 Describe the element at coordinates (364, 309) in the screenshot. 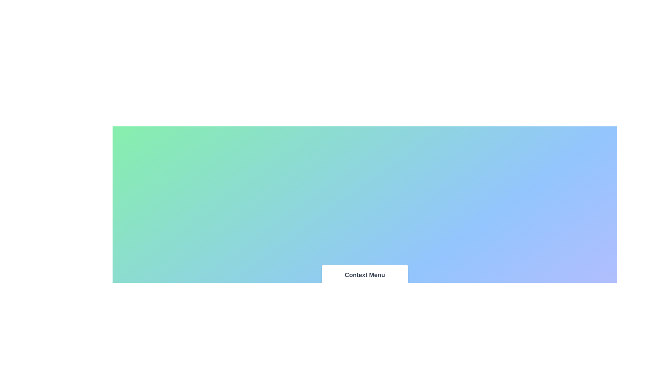

I see `the interactive area to toggle the context menu` at that location.